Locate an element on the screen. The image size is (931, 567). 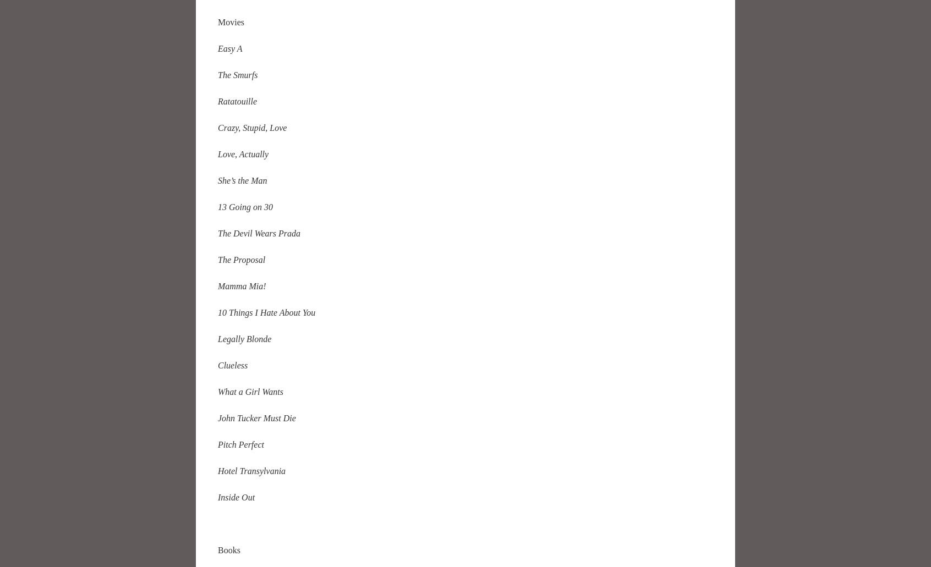
'Love, Actually' is located at coordinates (242, 153).